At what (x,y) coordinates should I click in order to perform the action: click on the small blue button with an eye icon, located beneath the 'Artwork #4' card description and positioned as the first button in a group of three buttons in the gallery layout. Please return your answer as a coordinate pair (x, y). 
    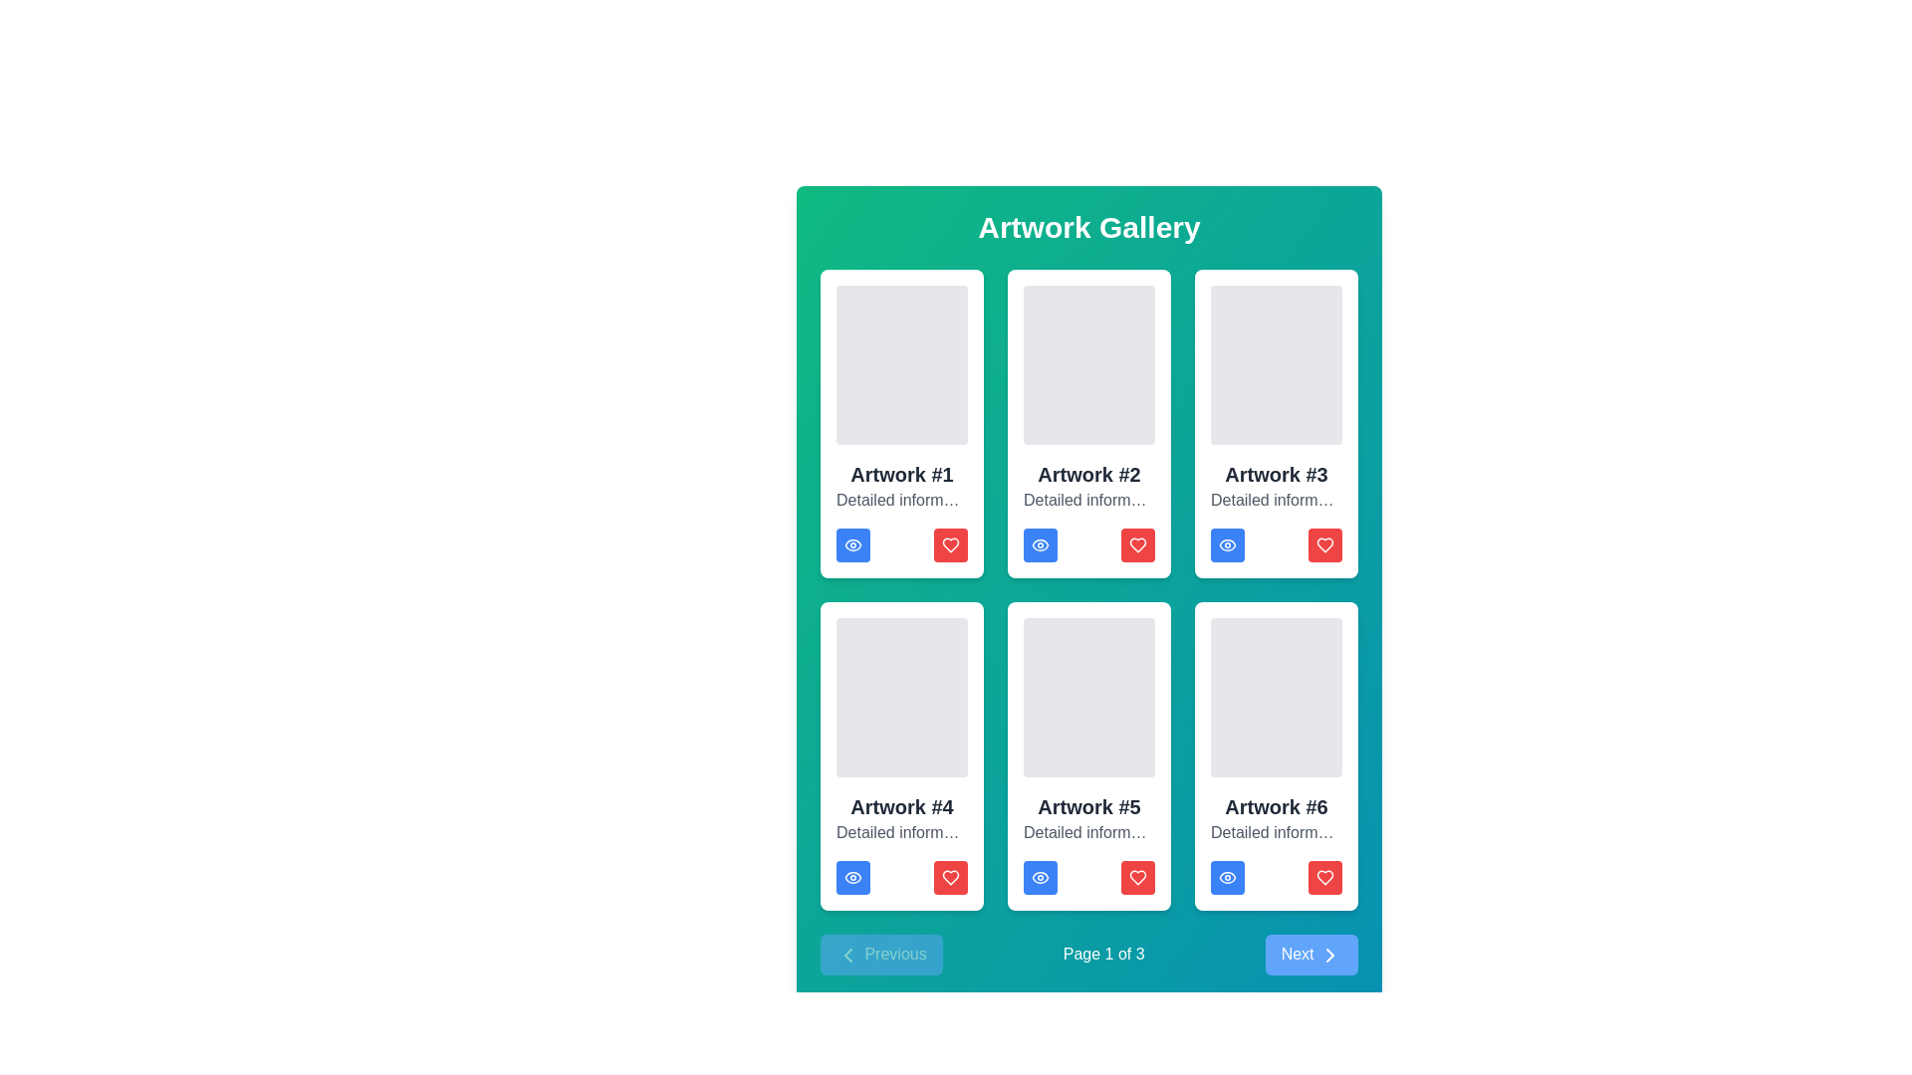
    Looking at the image, I should click on (853, 877).